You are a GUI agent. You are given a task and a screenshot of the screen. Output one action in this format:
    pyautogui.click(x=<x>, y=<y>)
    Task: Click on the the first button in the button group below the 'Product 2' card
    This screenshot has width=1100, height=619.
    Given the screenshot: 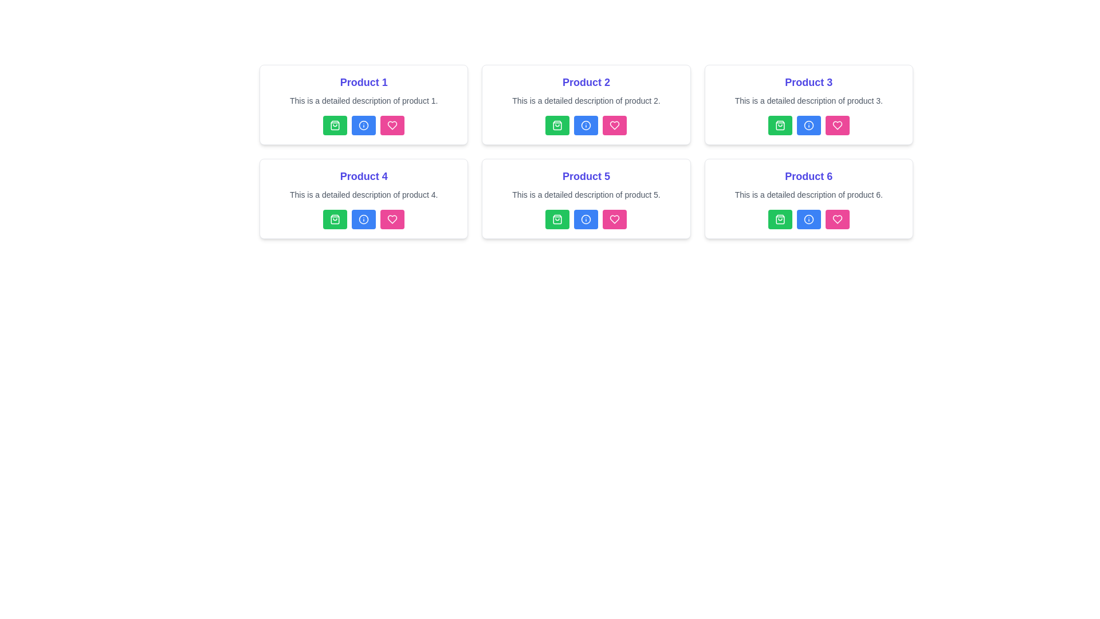 What is the action you would take?
    pyautogui.click(x=557, y=126)
    